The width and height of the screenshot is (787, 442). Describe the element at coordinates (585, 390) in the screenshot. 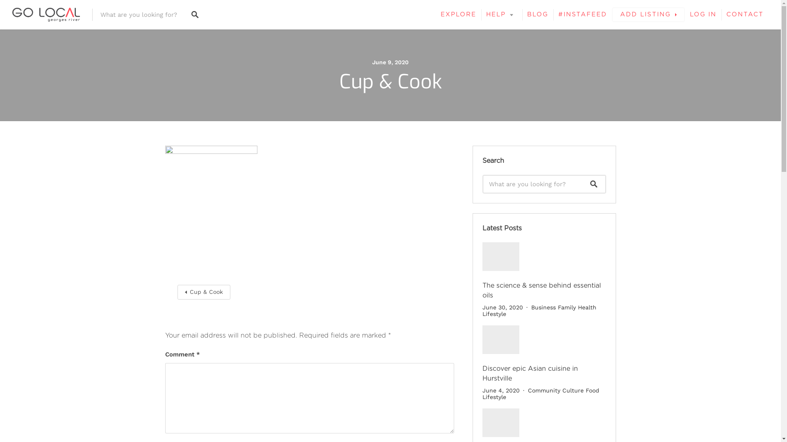

I see `'Food'` at that location.